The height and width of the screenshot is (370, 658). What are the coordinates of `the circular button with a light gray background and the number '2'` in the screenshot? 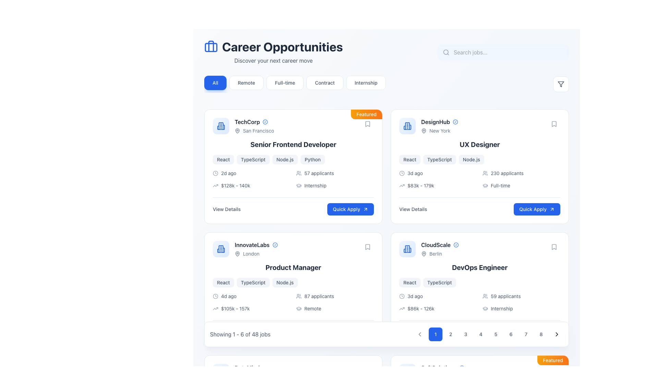 It's located at (451, 334).